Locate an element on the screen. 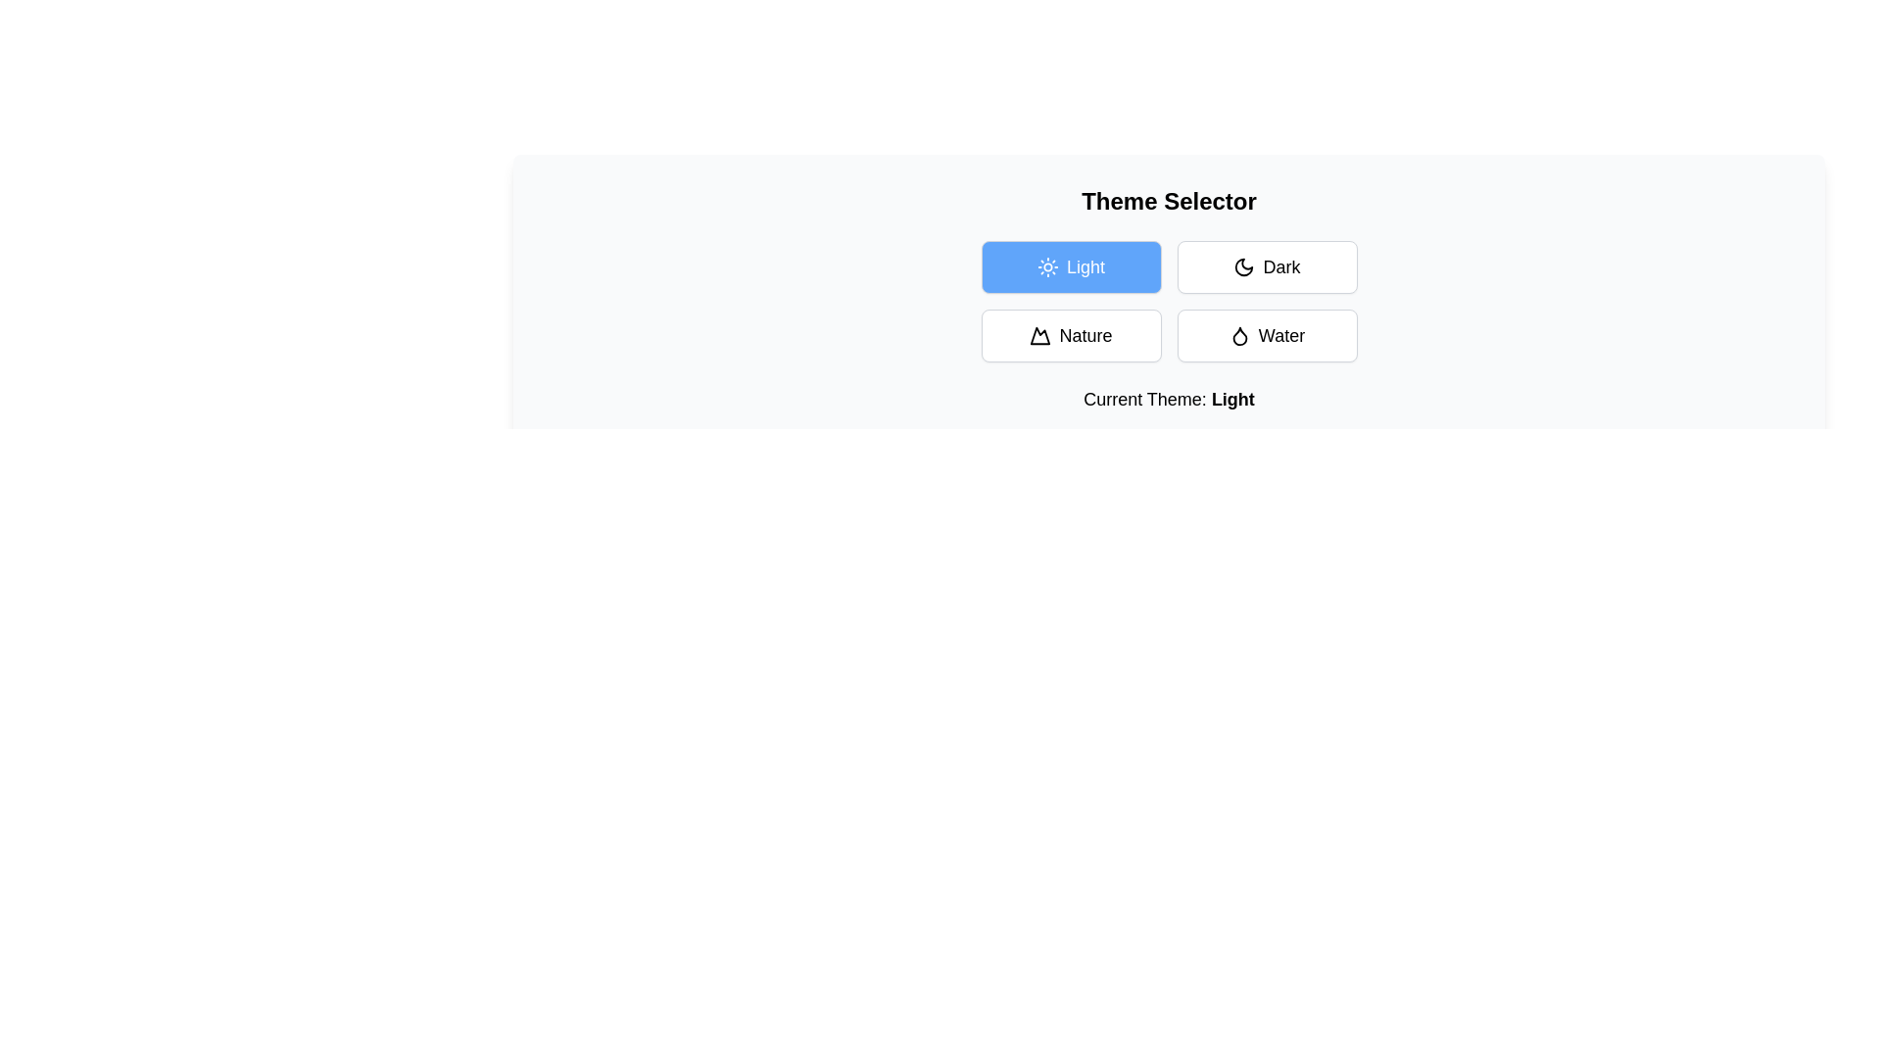 The width and height of the screenshot is (1881, 1058). text label indicating the 'Light' theme option, which is part of a button with a blue background and white text, located below the 'Theme Selector' title is located at coordinates (1085, 267).